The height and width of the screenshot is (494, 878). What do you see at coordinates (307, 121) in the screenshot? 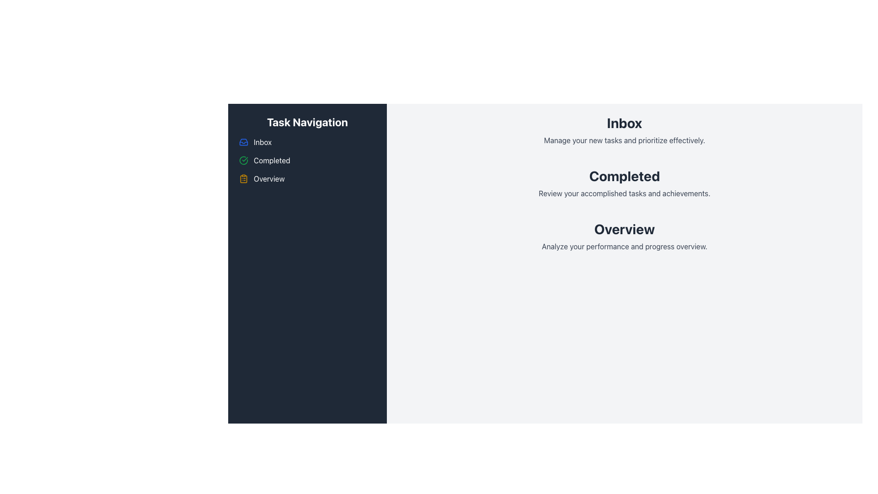
I see `the text heading labeled 'Task Navigation' which is styled in bold, large white font against a dark background, located in the navigation sidebar on the left side of the interface` at bounding box center [307, 121].